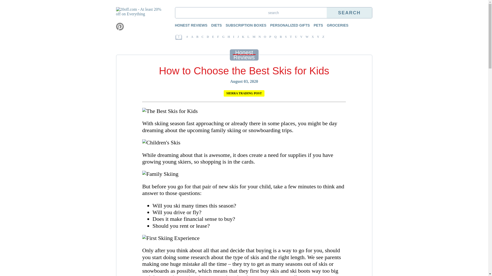 This screenshot has width=492, height=276. I want to click on 'I', so click(233, 37).